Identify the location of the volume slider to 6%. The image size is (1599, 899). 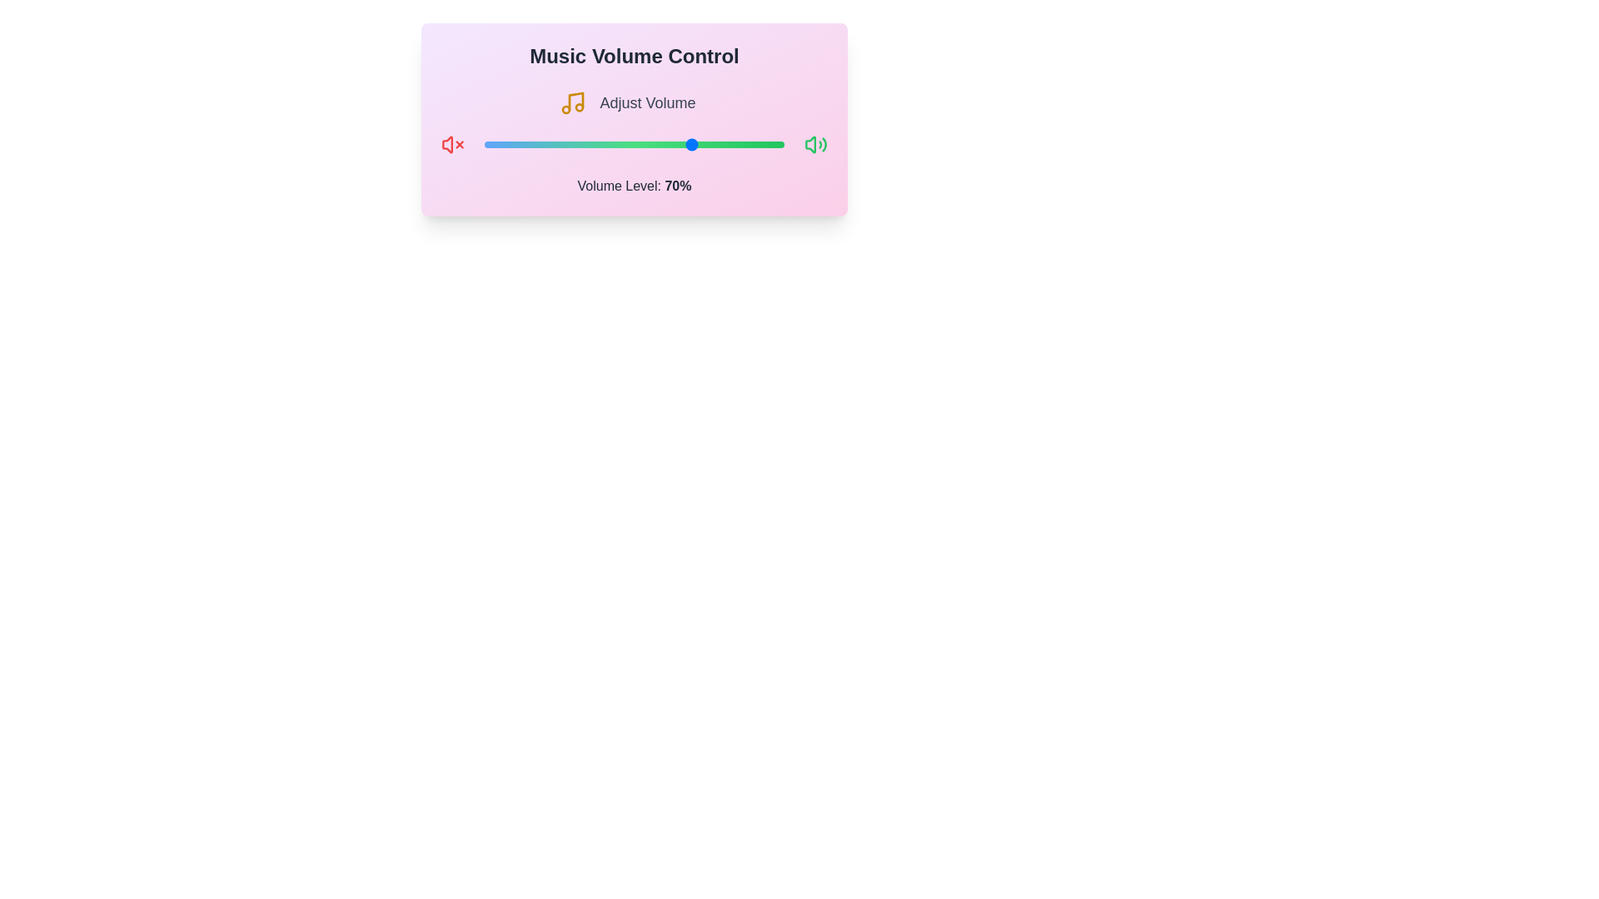
(501, 143).